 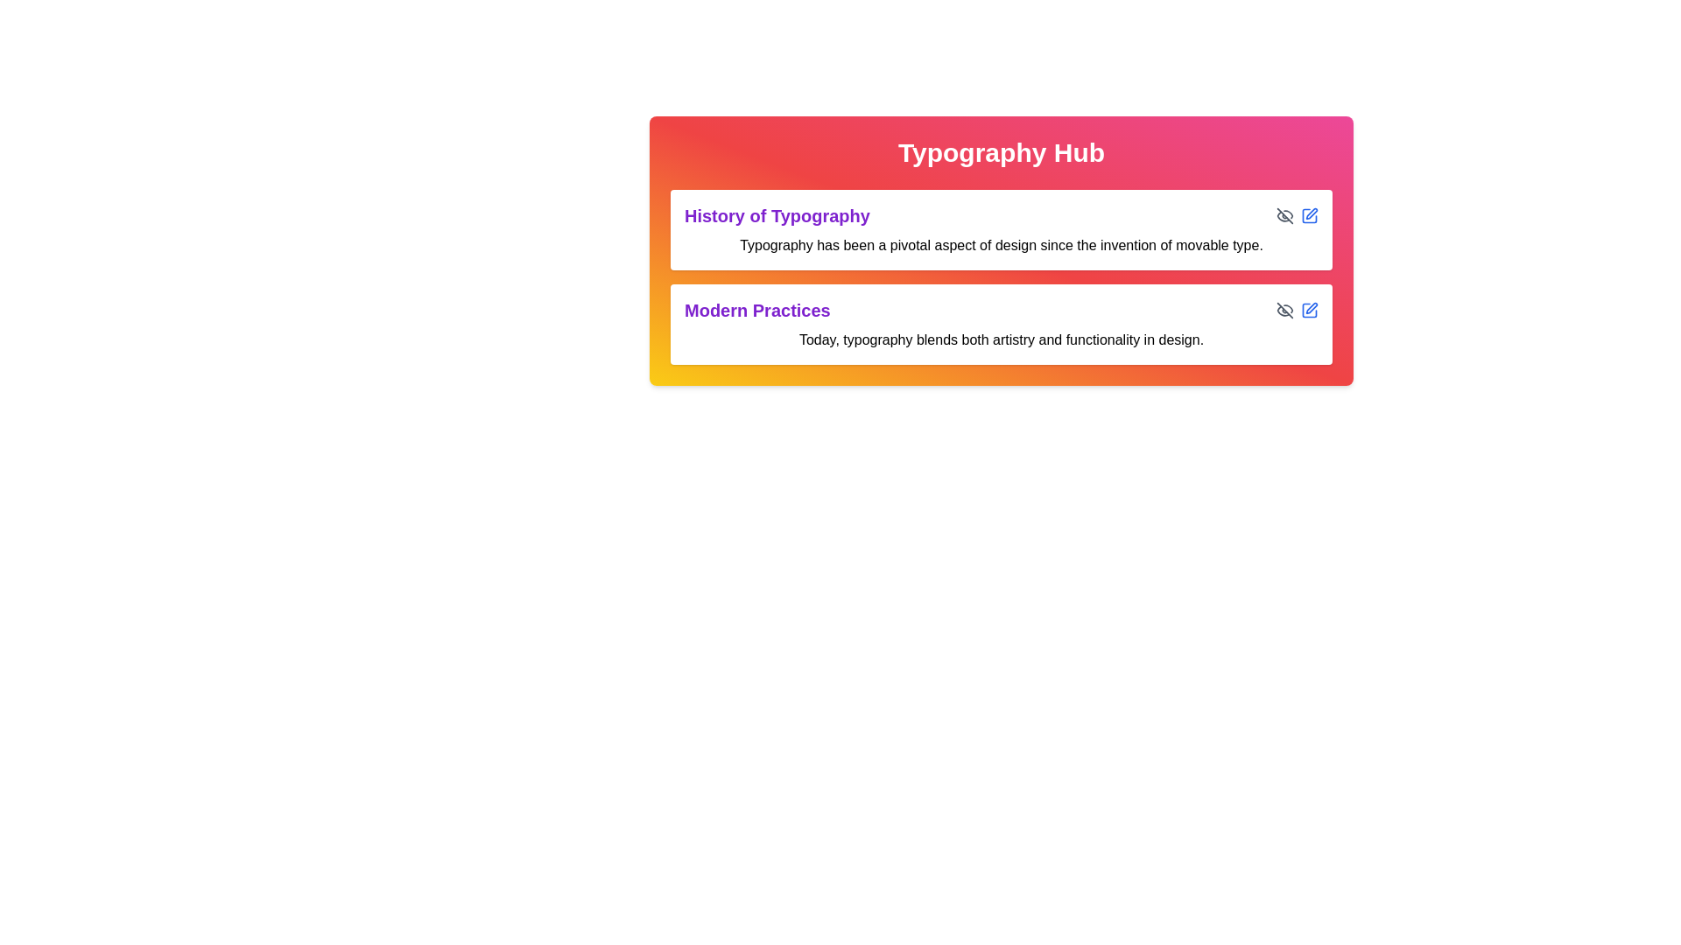 I want to click on the diagonal slash element of the 'Eye Off' icon located at the corner of the second card labeled 'Modern Practices.', so click(x=1285, y=309).